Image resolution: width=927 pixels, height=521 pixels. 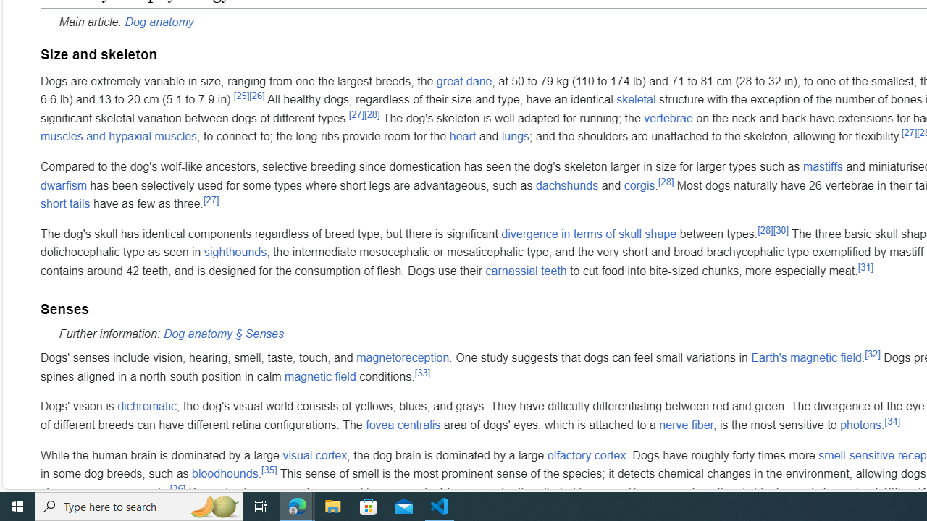 I want to click on 'carnassial teeth', so click(x=525, y=271).